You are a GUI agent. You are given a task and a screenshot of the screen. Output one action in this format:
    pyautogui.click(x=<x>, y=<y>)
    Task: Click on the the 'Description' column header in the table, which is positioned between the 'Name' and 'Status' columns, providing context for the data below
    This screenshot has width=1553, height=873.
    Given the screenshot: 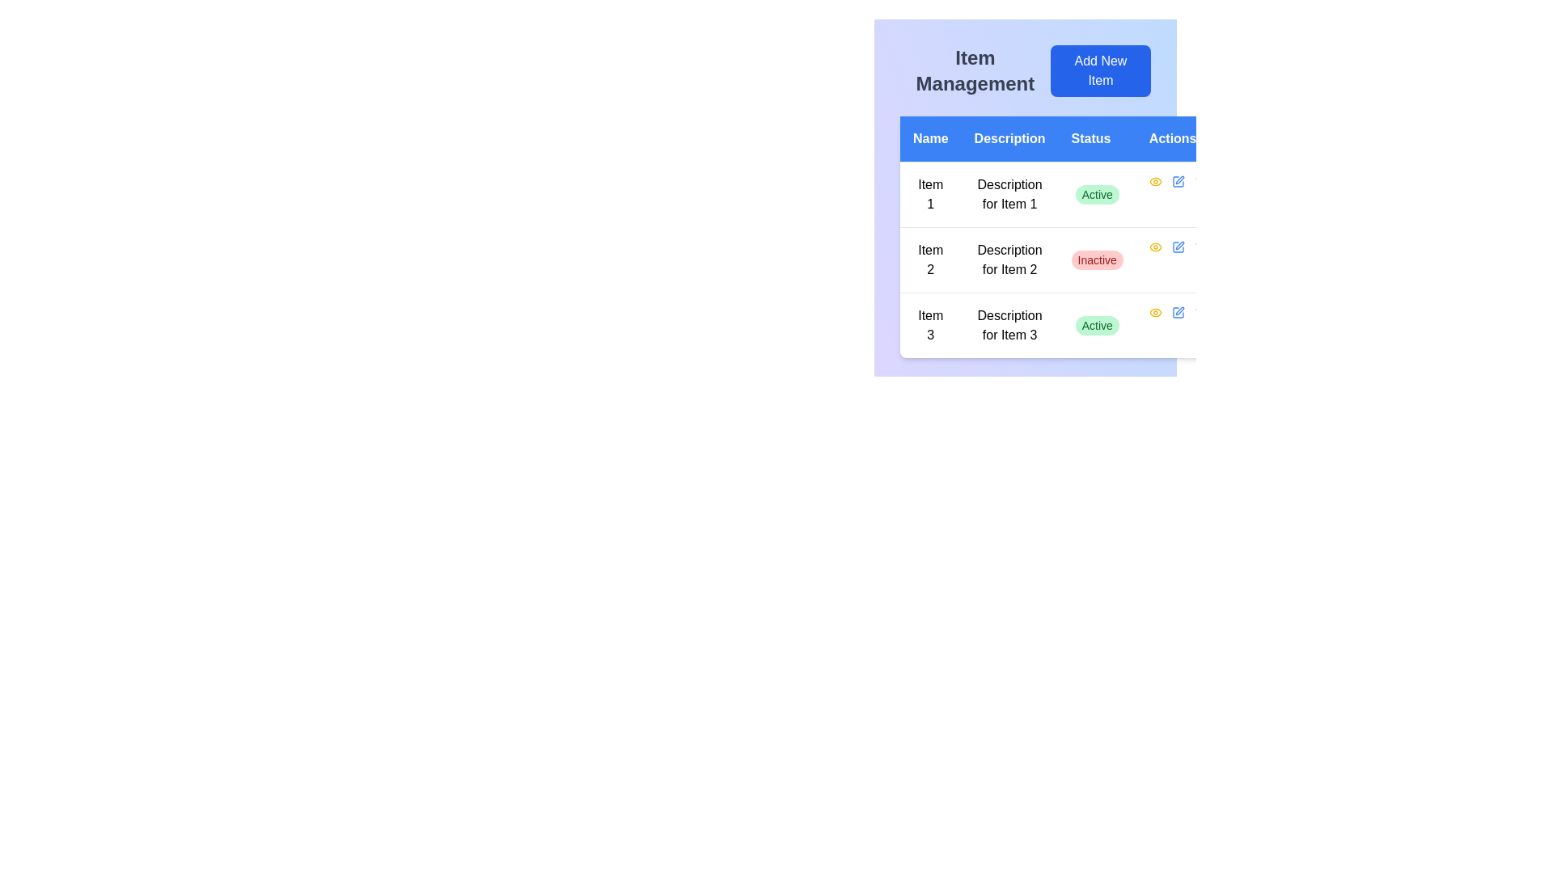 What is the action you would take?
    pyautogui.click(x=1009, y=138)
    